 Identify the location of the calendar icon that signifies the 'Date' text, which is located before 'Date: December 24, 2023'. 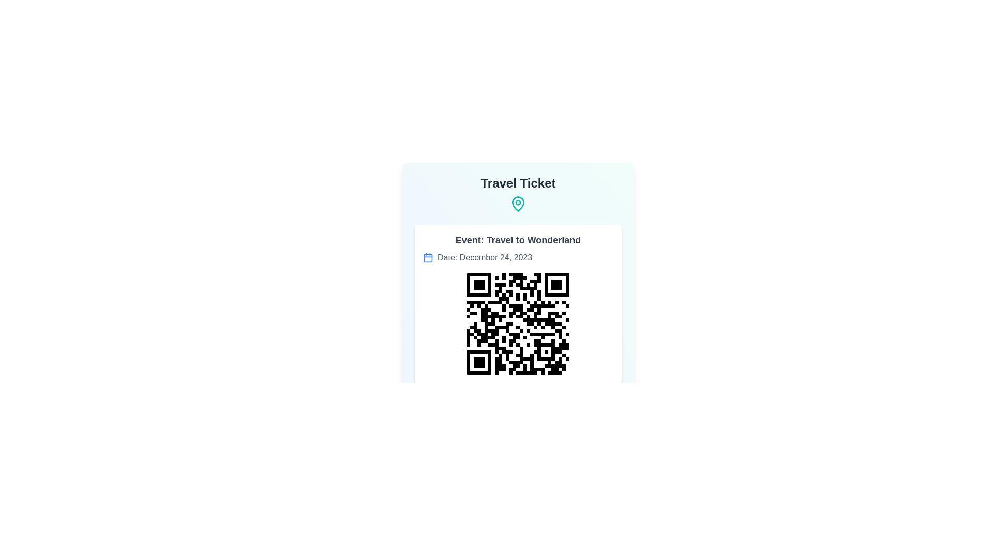
(428, 257).